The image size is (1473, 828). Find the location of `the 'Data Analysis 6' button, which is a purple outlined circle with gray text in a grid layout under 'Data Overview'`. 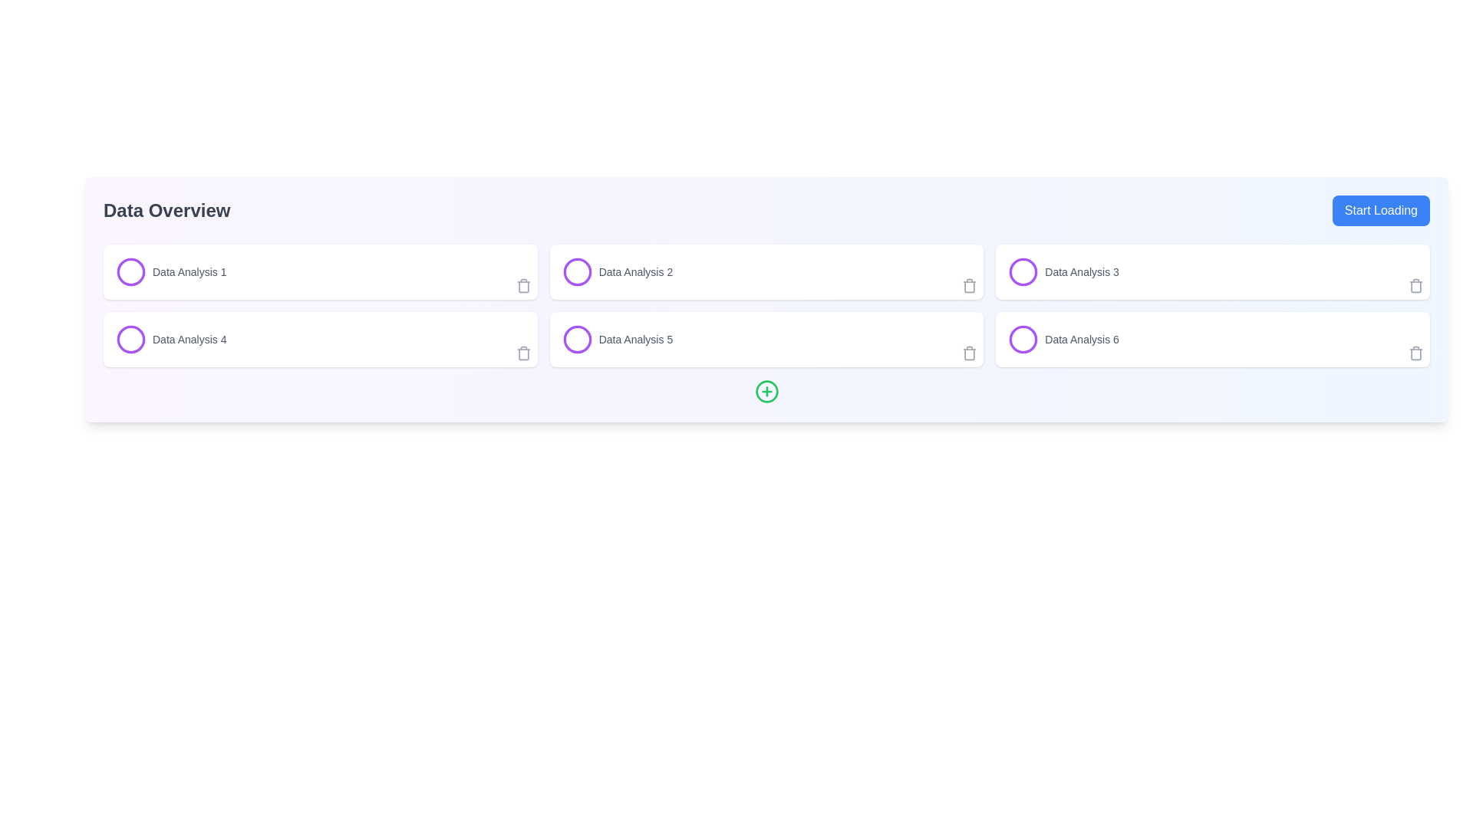

the 'Data Analysis 6' button, which is a purple outlined circle with gray text in a grid layout under 'Data Overview' is located at coordinates (1063, 339).